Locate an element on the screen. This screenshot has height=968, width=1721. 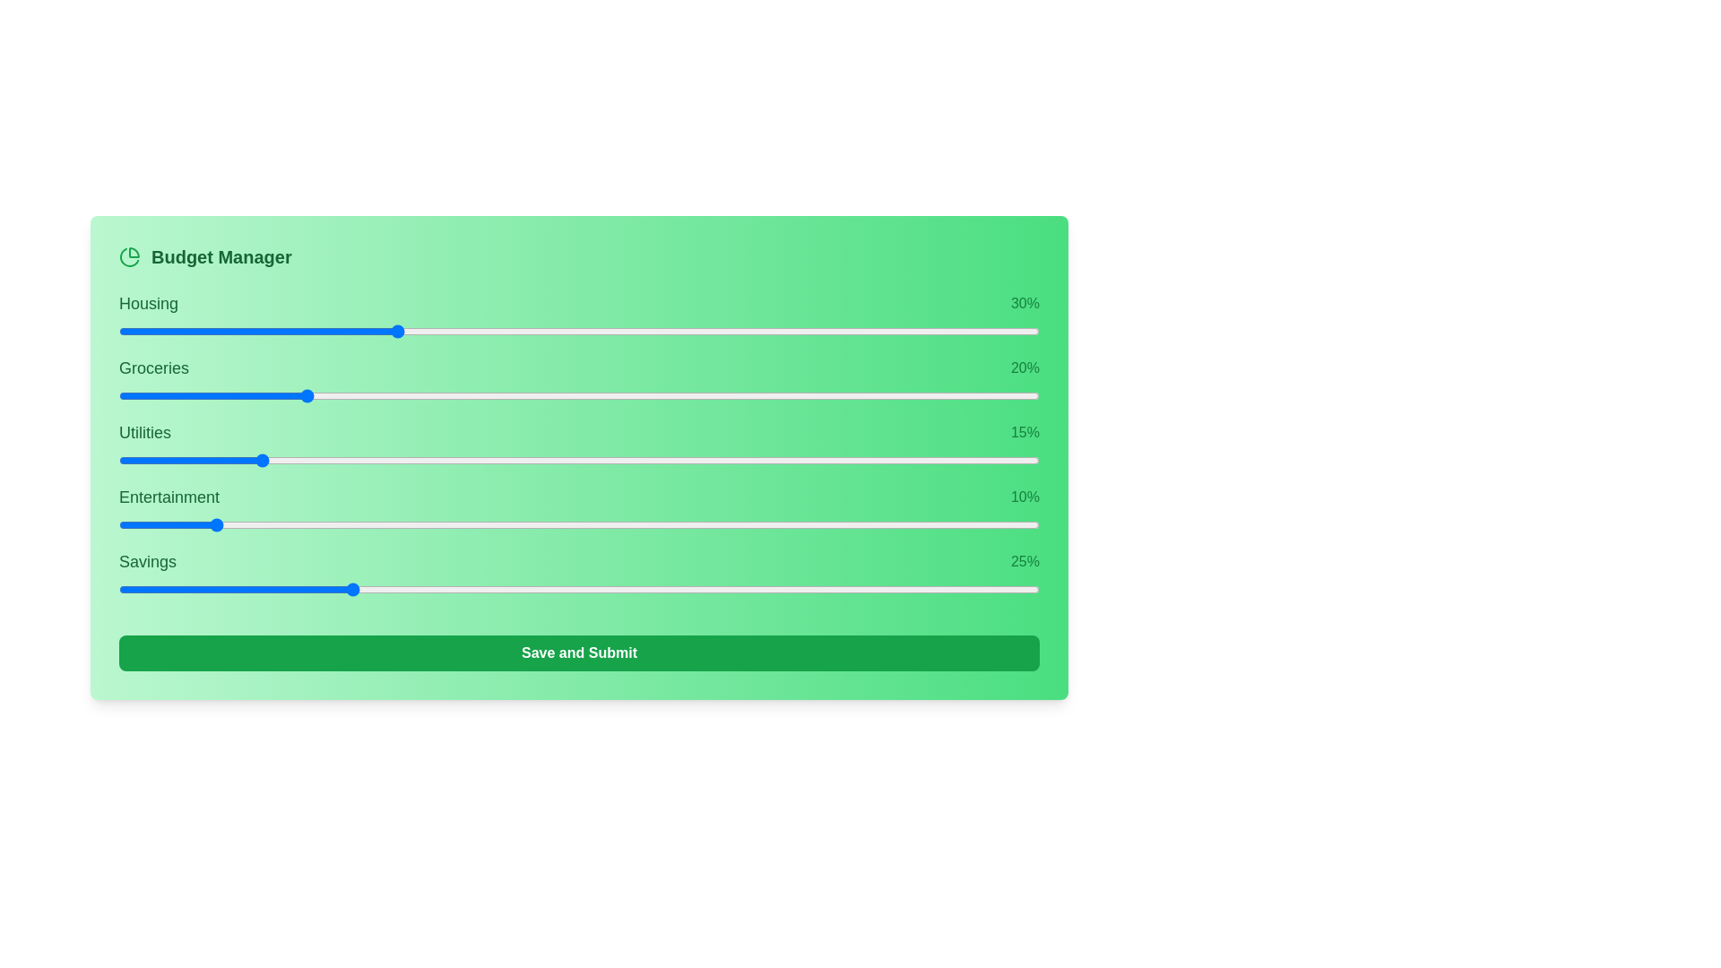
the slider for 1 to 46% allocation is located at coordinates (790, 395).